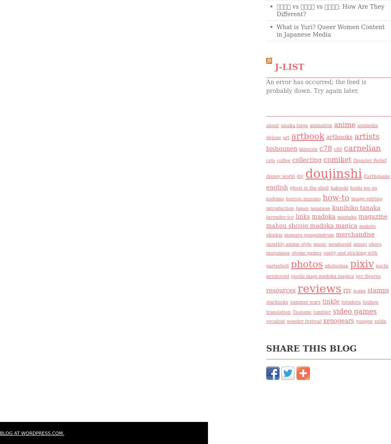 The image size is (391, 444). Describe the element at coordinates (286, 321) in the screenshot. I see `'wonder festival'` at that location.